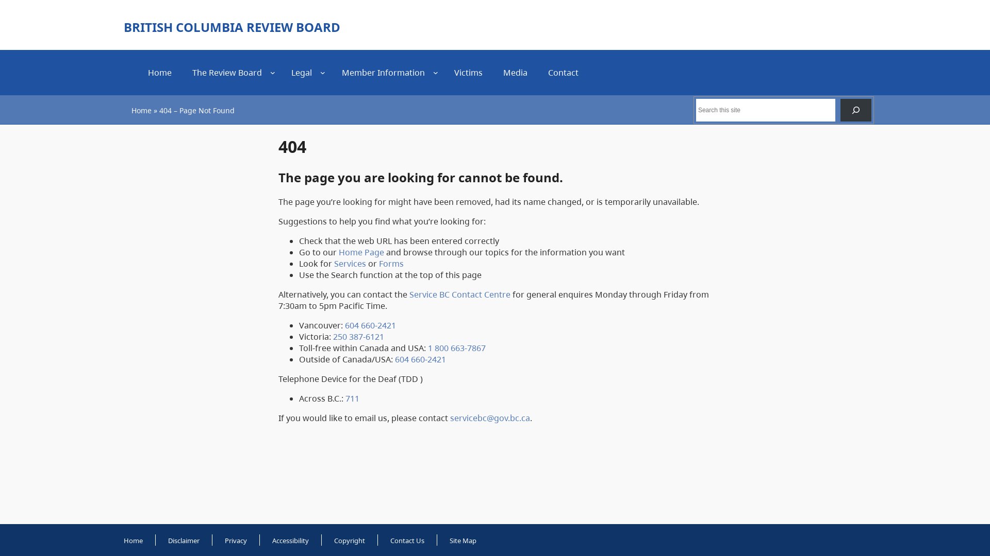 The width and height of the screenshot is (990, 556). I want to click on 'Member Information', so click(383, 72).